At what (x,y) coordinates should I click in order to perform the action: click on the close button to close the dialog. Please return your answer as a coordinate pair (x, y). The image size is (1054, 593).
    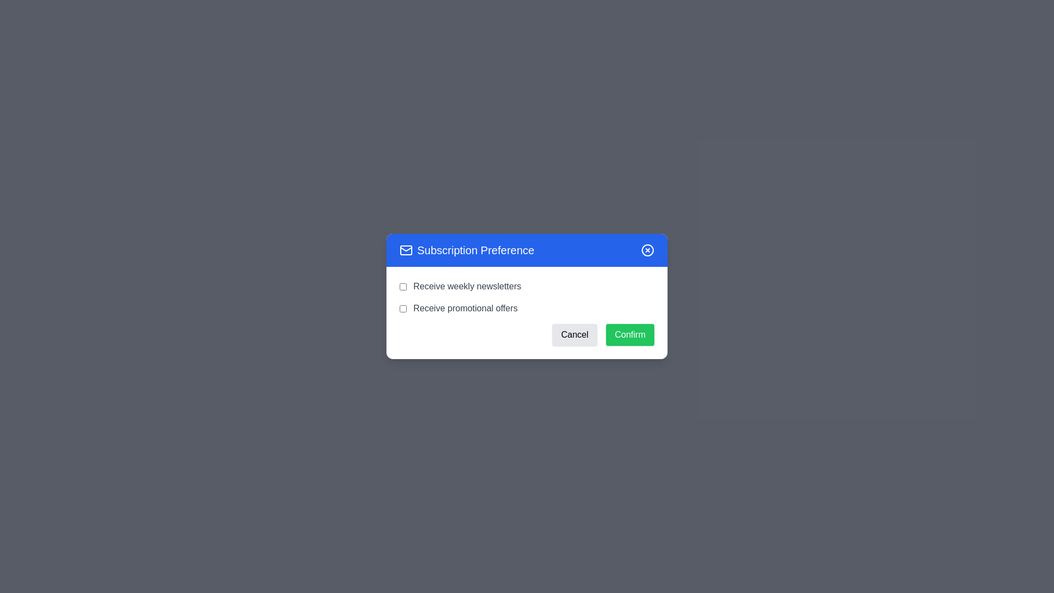
    Looking at the image, I should click on (648, 250).